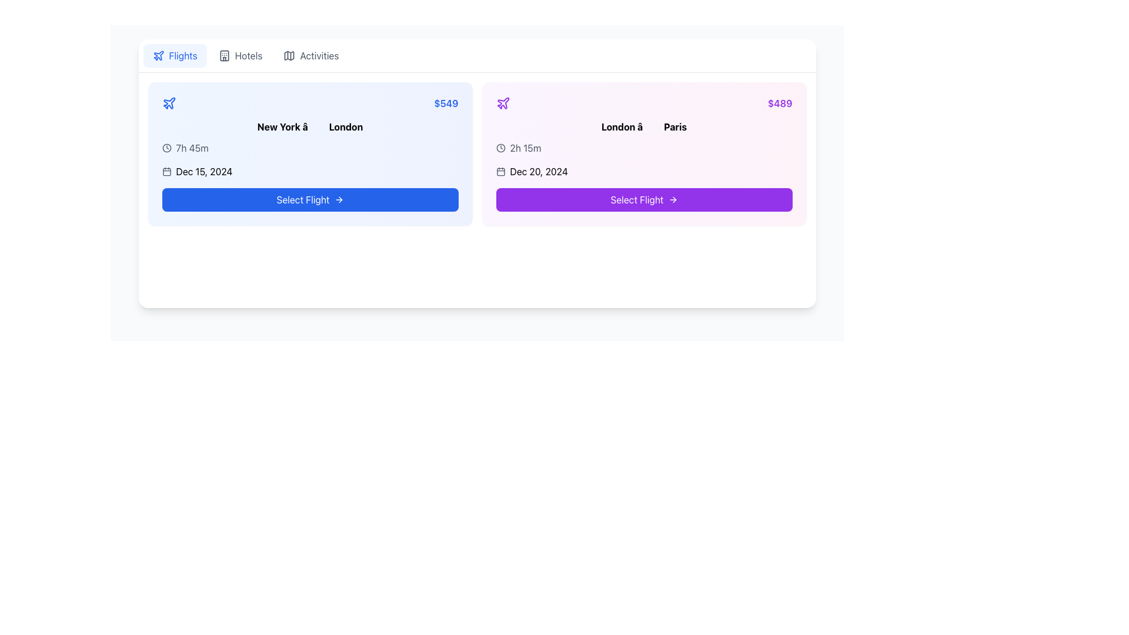 The image size is (1129, 635). Describe the element at coordinates (289, 56) in the screenshot. I see `the 'Activities' icon in the navigation bar, which is an SVG graphic located in the header, leftmost of the text label 'Activities'` at that location.